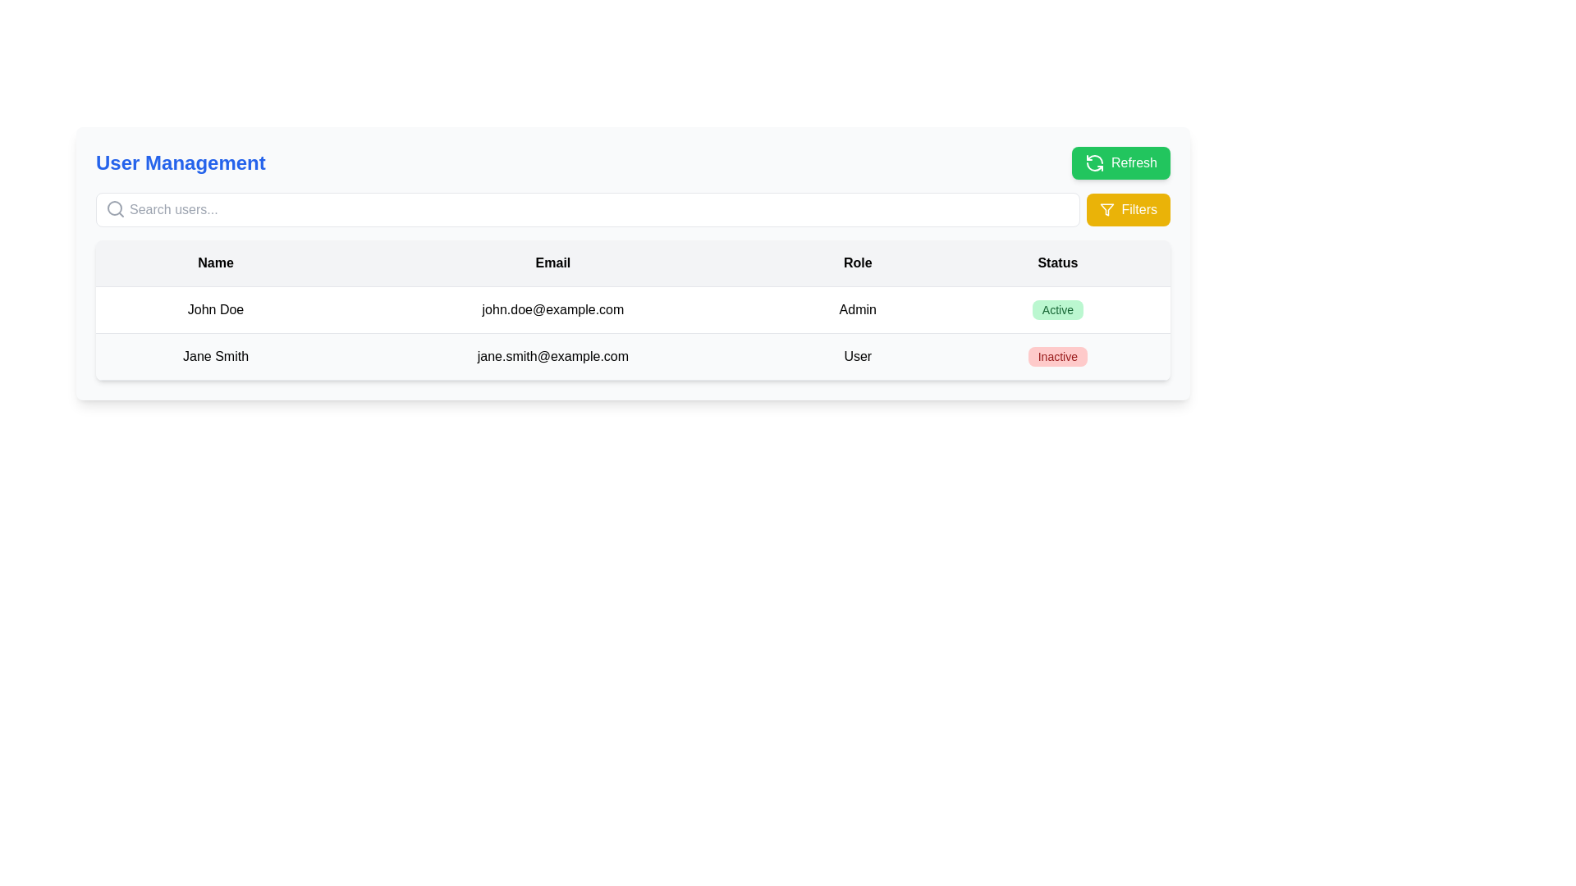 The width and height of the screenshot is (1576, 886). I want to click on the green 'Refresh' button located in the User Management section, which is positioned to the right of the 'Filters' keyword, so click(1120, 163).